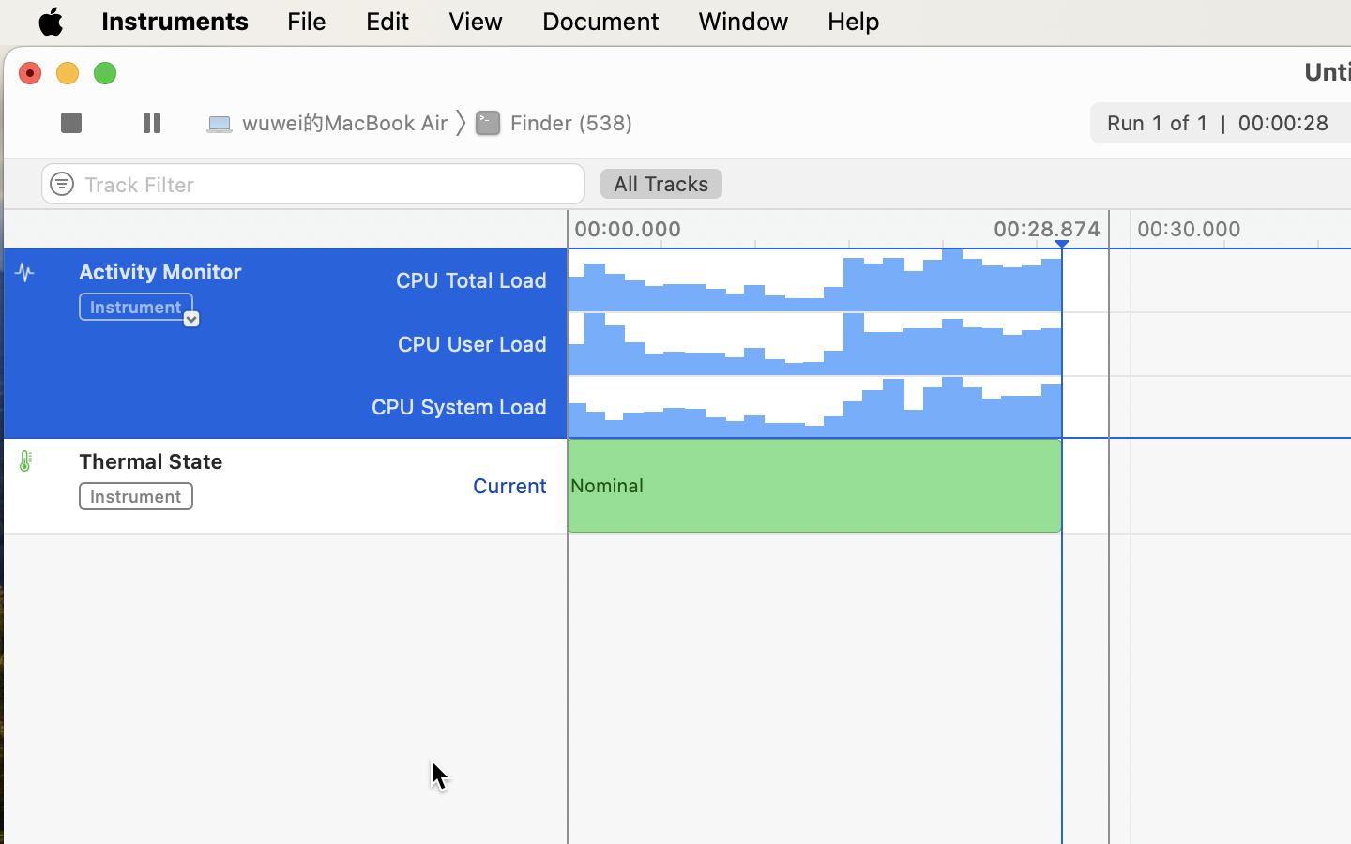  Describe the element at coordinates (329, 121) in the screenshot. I see `'wuwei的MacBook Air'` at that location.